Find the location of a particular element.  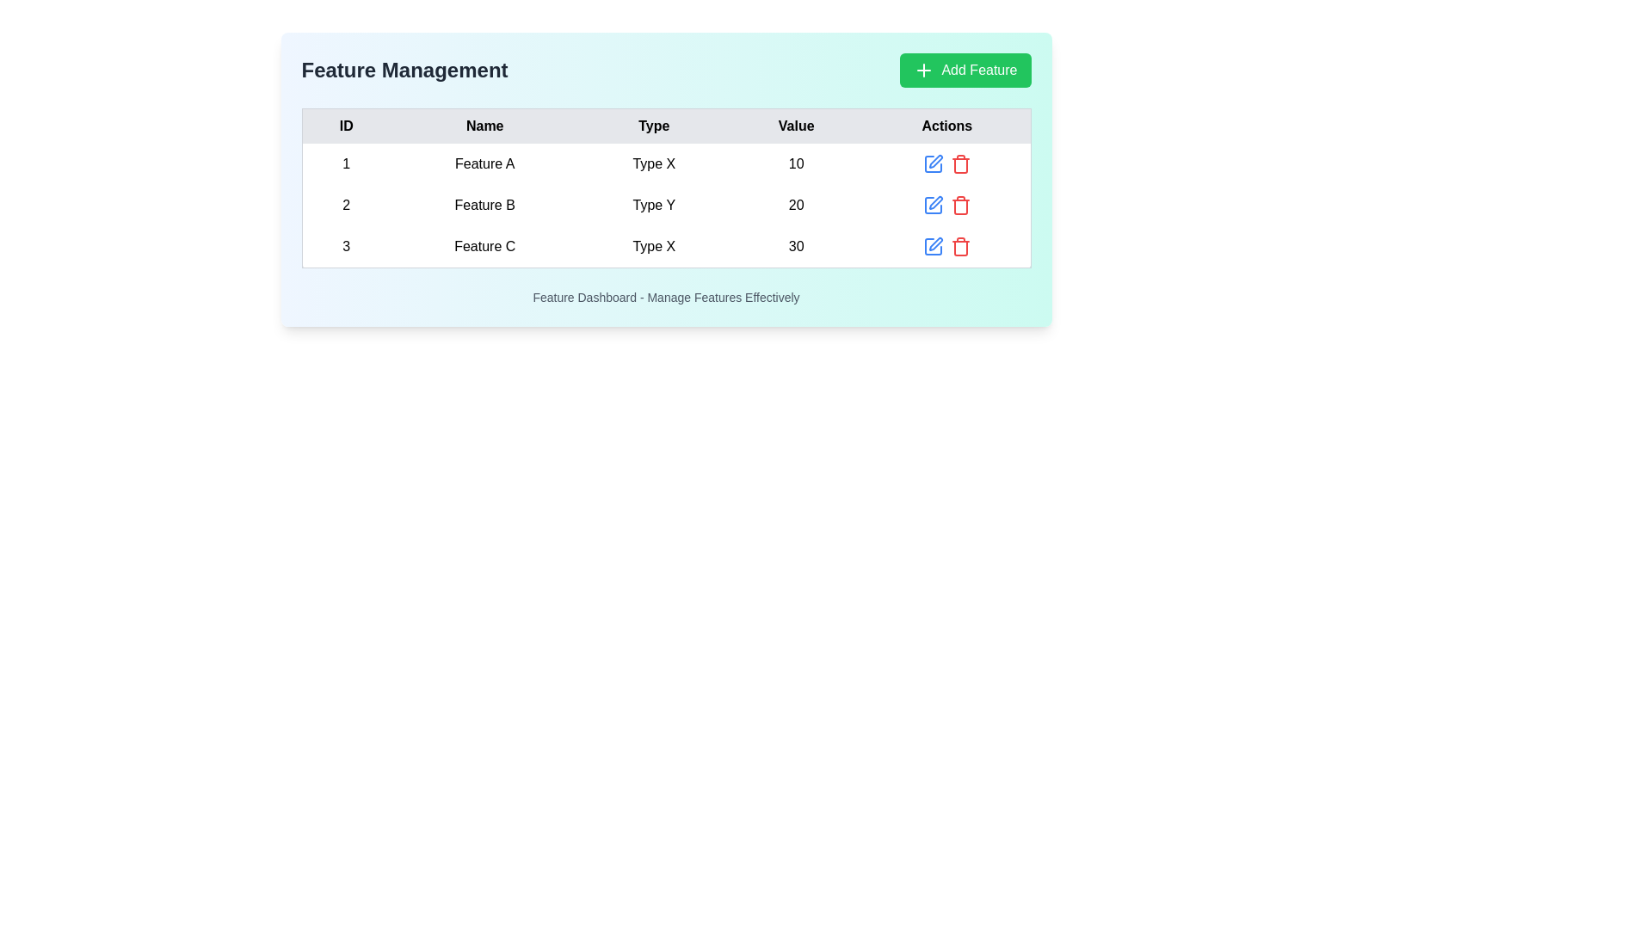

the static text element displaying 'Type X' in the 'Type' column of the third row under the 'Feature Management' header, which represents the 'Type' for 'Feature C' is located at coordinates (653, 247).